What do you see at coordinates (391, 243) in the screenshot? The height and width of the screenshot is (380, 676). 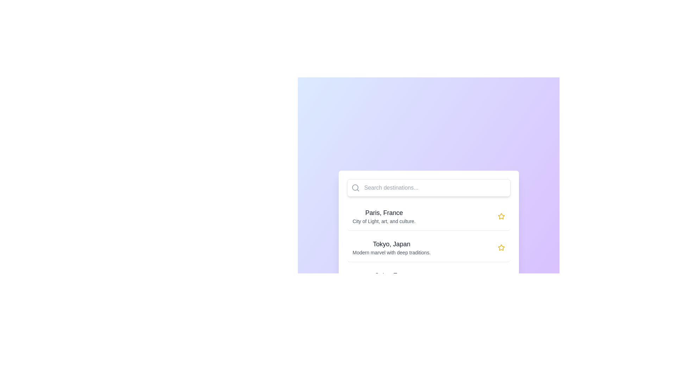 I see `the destination text label 'Tokyo, Japan' which is the second item in the list of destinations` at bounding box center [391, 243].